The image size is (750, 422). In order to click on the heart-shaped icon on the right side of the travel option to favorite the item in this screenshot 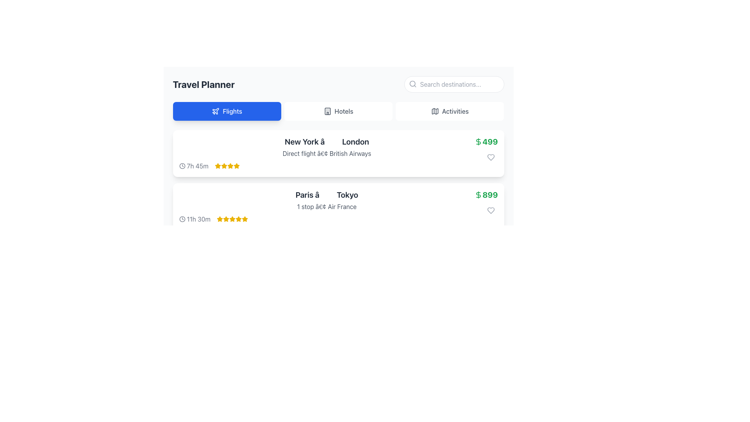, I will do `click(490, 210)`.